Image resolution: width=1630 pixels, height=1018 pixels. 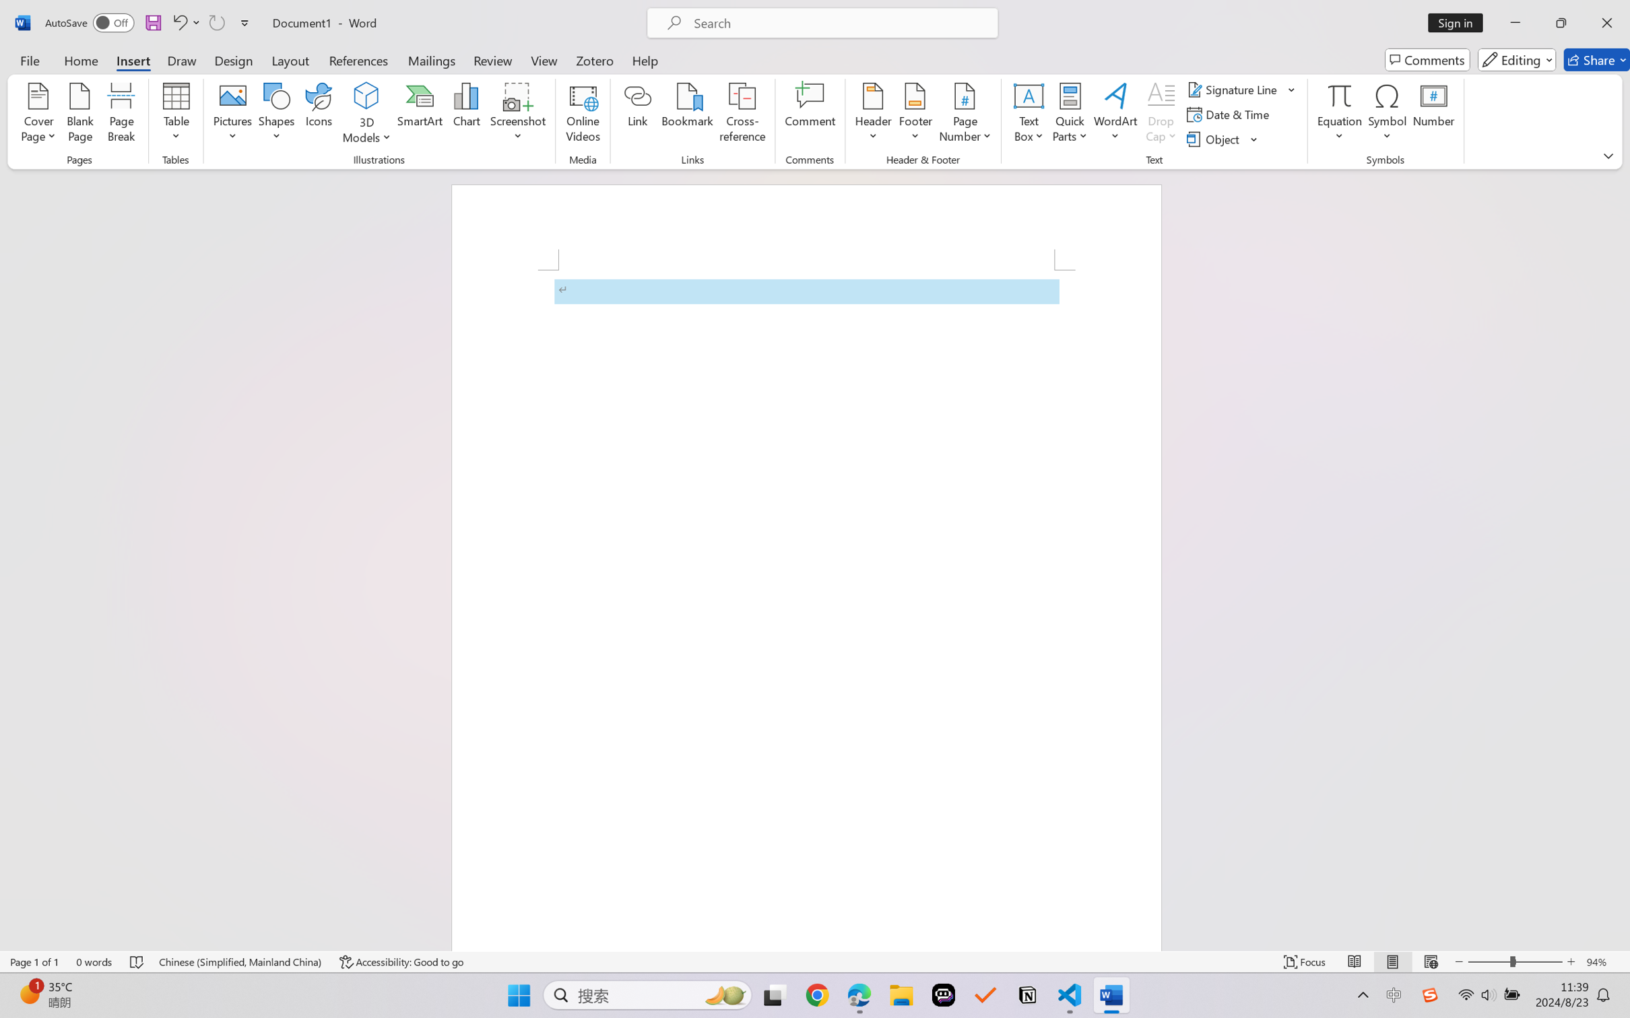 I want to click on 'Signature Line', so click(x=1241, y=88).